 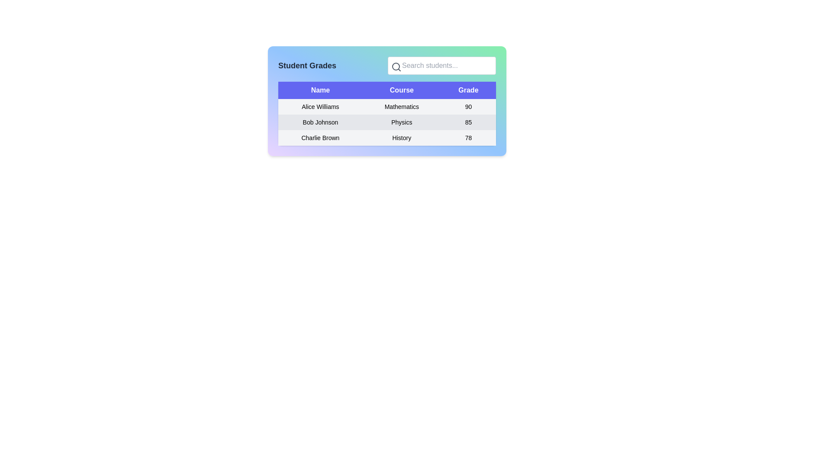 What do you see at coordinates (387, 122) in the screenshot?
I see `the second row of the table displaying information about student Bob Johnson, course Physics, and grade 85` at bounding box center [387, 122].